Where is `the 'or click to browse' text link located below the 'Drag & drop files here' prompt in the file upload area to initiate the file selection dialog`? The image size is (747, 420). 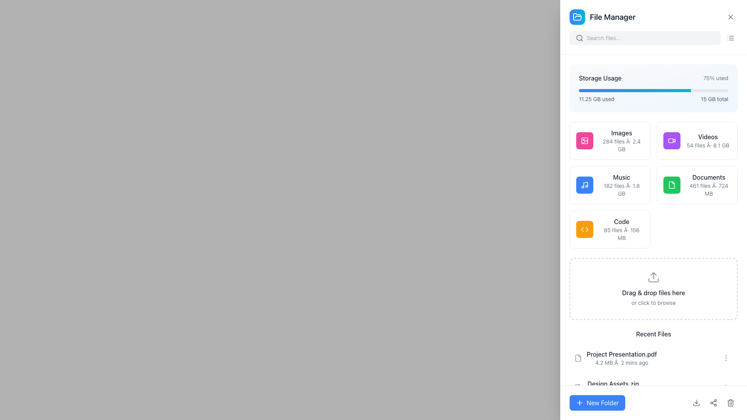
the 'or click to browse' text link located below the 'Drag & drop files here' prompt in the file upload area to initiate the file selection dialog is located at coordinates (654, 303).